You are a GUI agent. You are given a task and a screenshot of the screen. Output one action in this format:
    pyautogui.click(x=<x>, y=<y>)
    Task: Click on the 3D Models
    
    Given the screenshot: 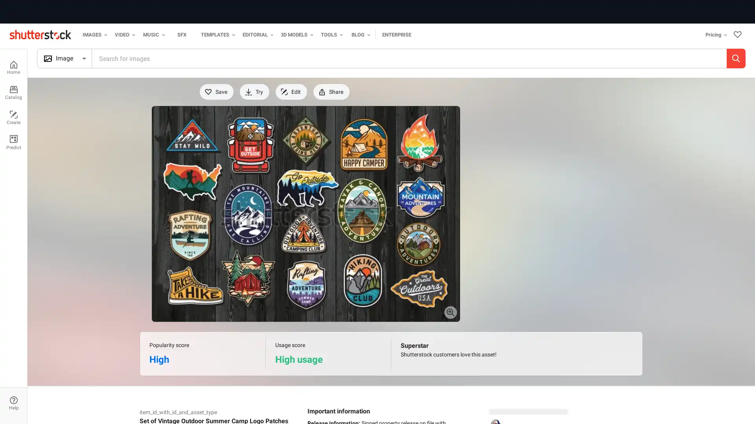 What is the action you would take?
    pyautogui.click(x=296, y=34)
    